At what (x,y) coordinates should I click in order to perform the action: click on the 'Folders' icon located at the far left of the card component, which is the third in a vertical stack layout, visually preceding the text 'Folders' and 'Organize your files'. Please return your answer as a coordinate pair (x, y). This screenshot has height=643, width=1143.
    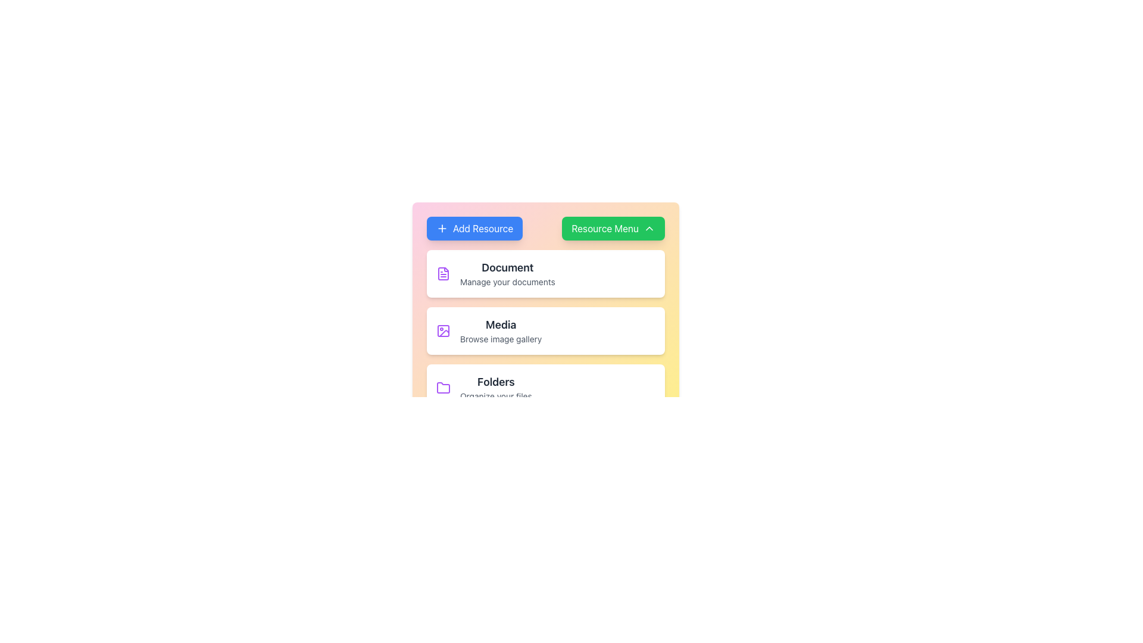
    Looking at the image, I should click on (442, 388).